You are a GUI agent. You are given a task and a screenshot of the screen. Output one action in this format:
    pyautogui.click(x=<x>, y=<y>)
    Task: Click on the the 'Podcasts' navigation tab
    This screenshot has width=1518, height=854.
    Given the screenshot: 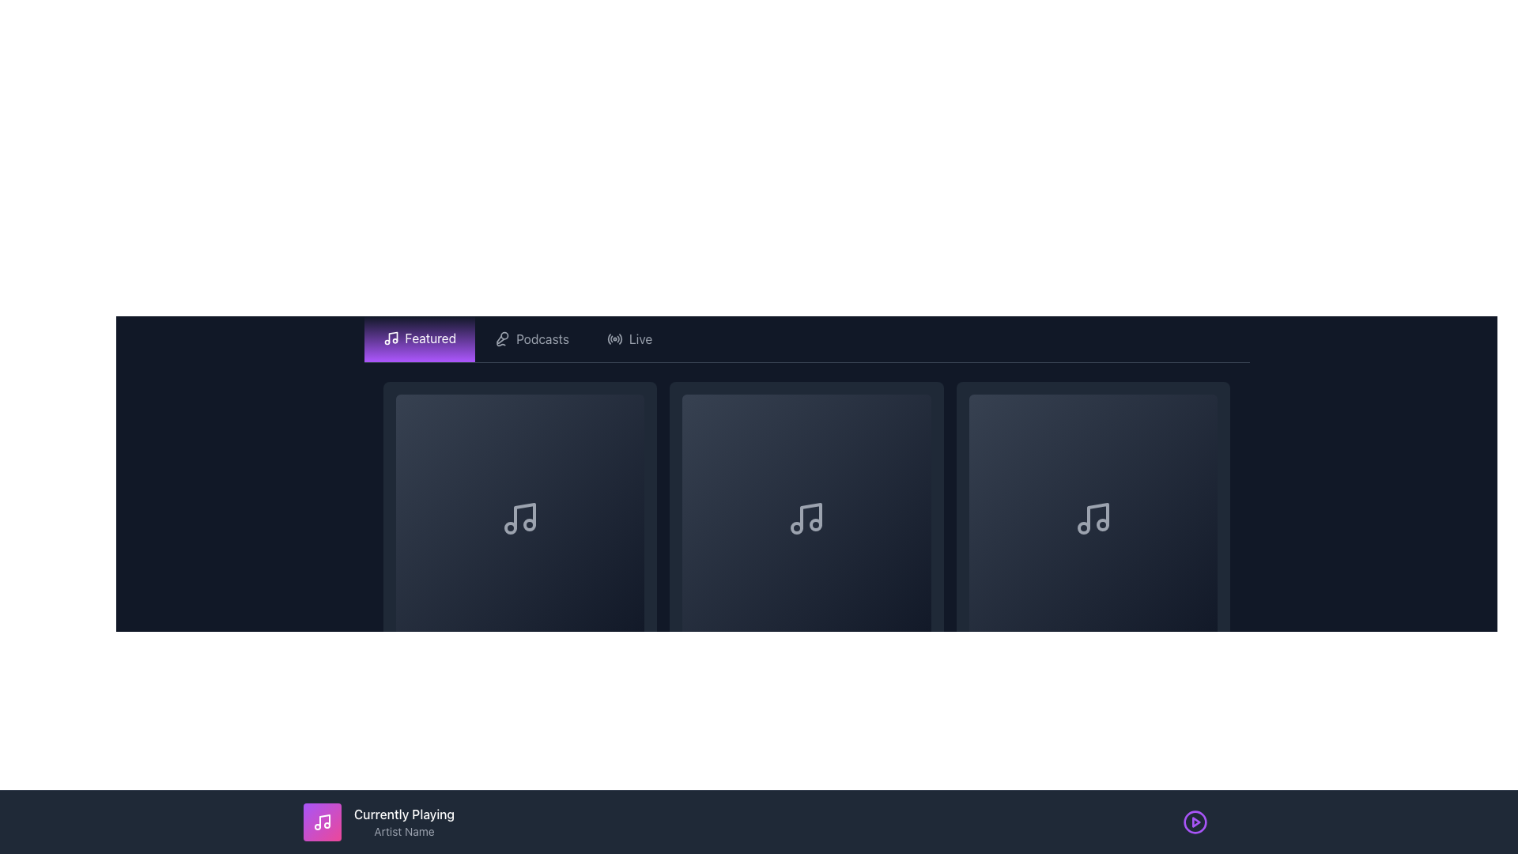 What is the action you would take?
    pyautogui.click(x=531, y=338)
    